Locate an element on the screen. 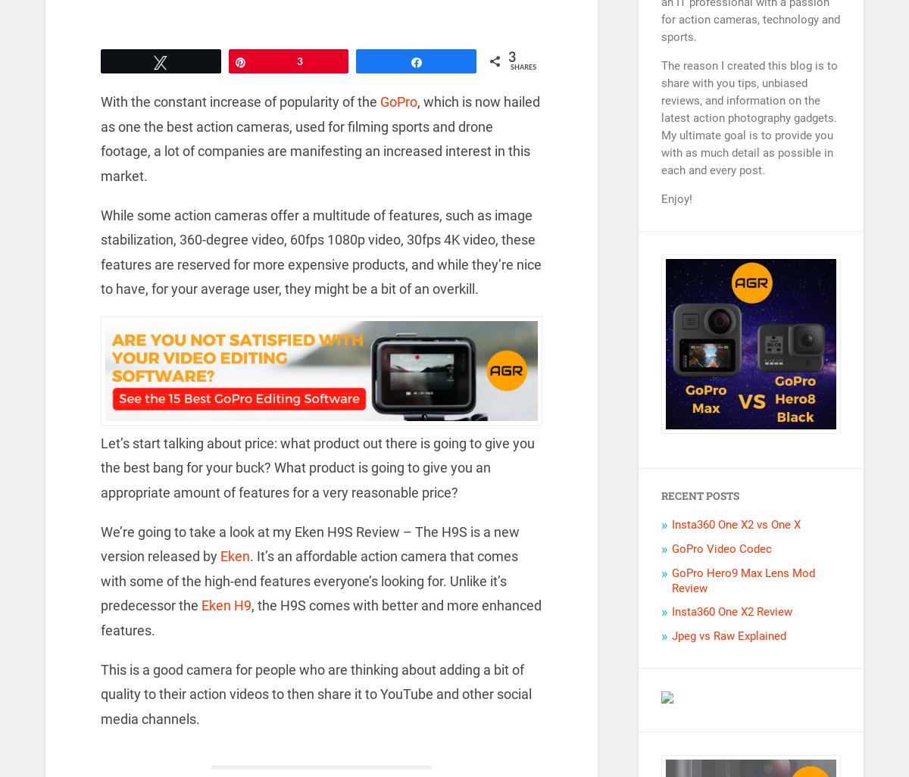 The width and height of the screenshot is (909, 777). 'GoPro' is located at coordinates (397, 101).